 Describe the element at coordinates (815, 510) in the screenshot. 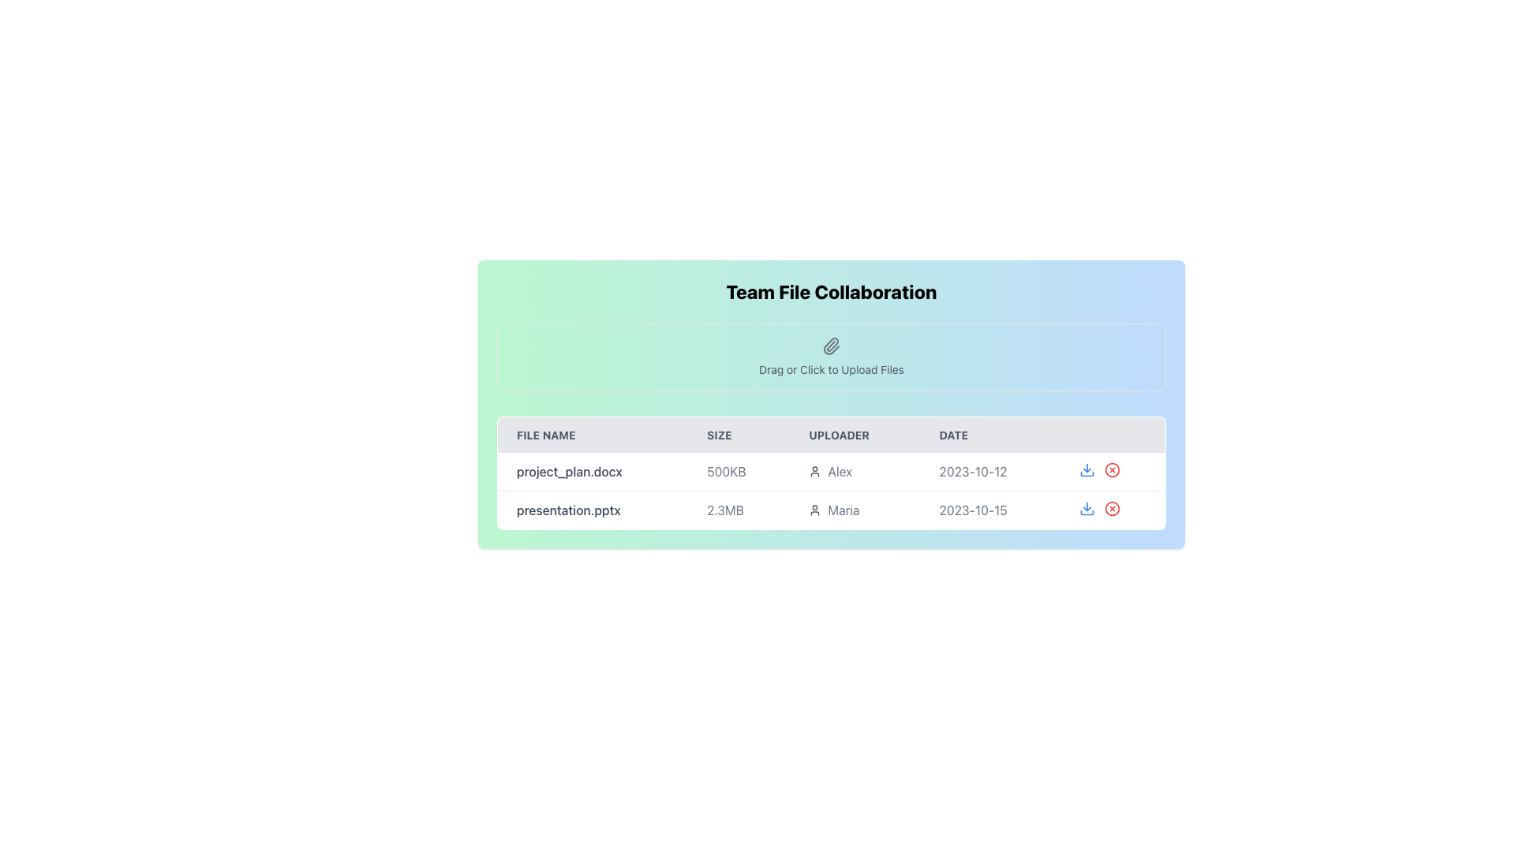

I see `the uploader's profile icon located in the 'Uploader' column next to 'Maria'` at that location.